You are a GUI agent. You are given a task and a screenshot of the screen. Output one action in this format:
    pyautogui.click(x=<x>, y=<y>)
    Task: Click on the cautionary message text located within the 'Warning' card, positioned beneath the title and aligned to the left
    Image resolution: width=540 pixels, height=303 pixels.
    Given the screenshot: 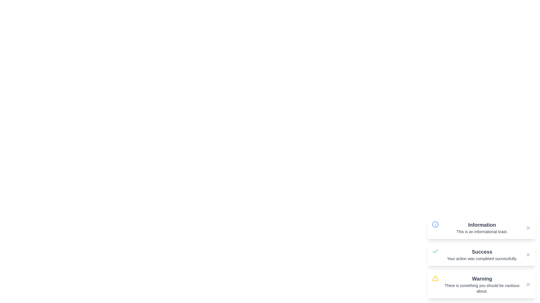 What is the action you would take?
    pyautogui.click(x=481, y=288)
    